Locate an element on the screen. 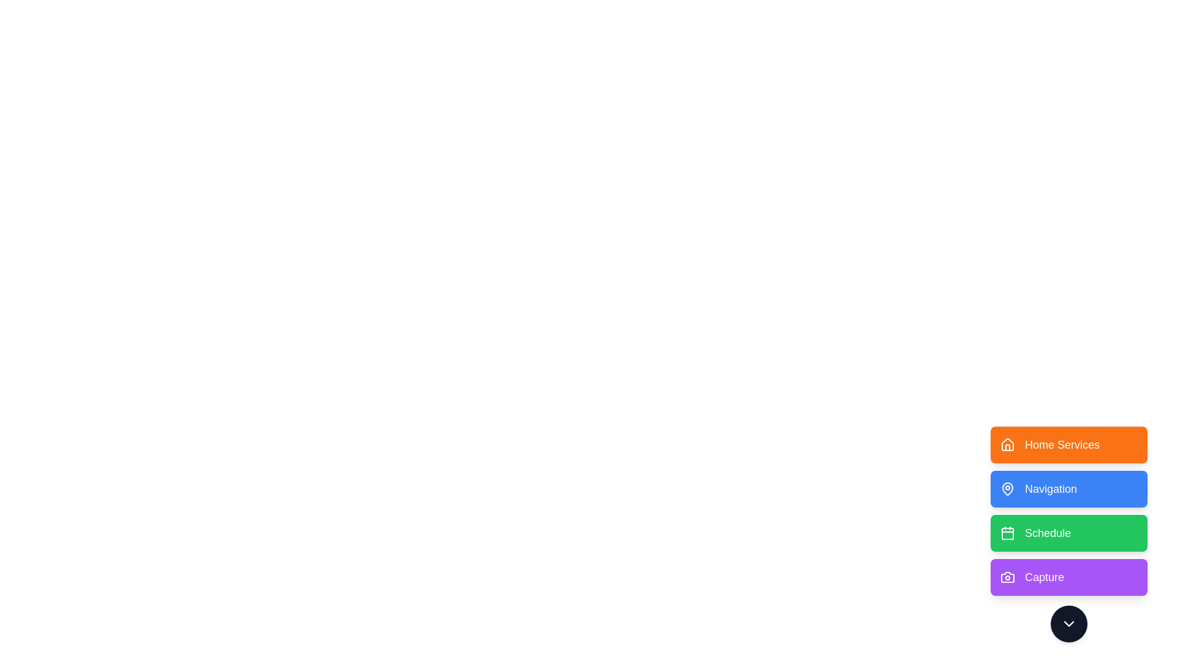 This screenshot has width=1177, height=662. the 'Schedule' button is located at coordinates (1068, 533).